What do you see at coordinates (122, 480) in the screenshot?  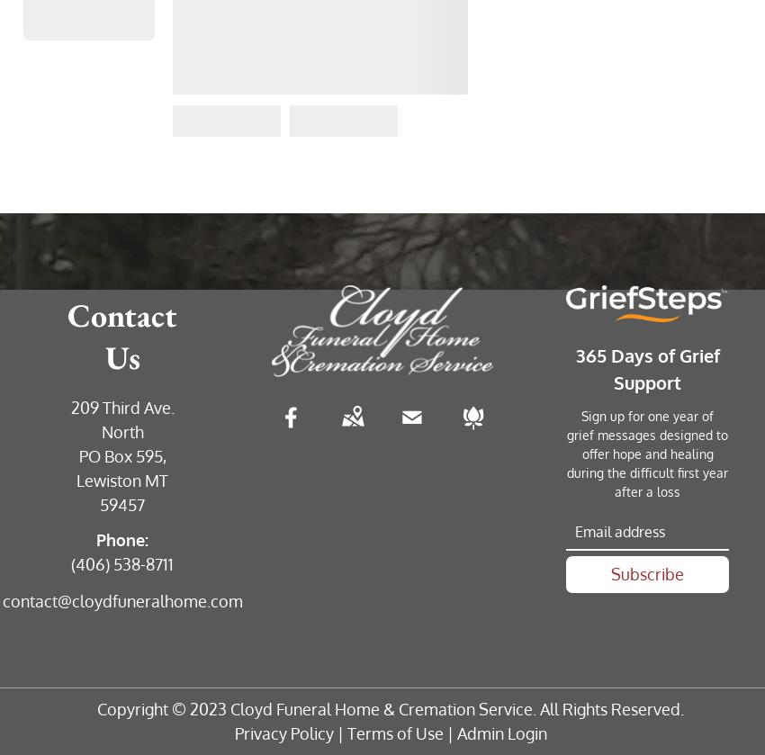 I see `'PO Box 595, Lewiston MT 59457'` at bounding box center [122, 480].